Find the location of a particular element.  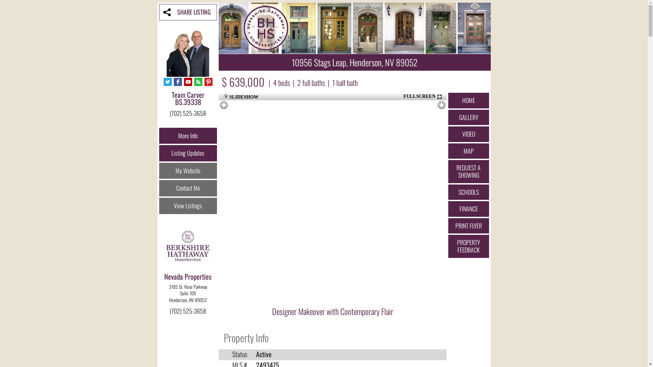

'REQUEST A SHOWING' is located at coordinates (468, 171).